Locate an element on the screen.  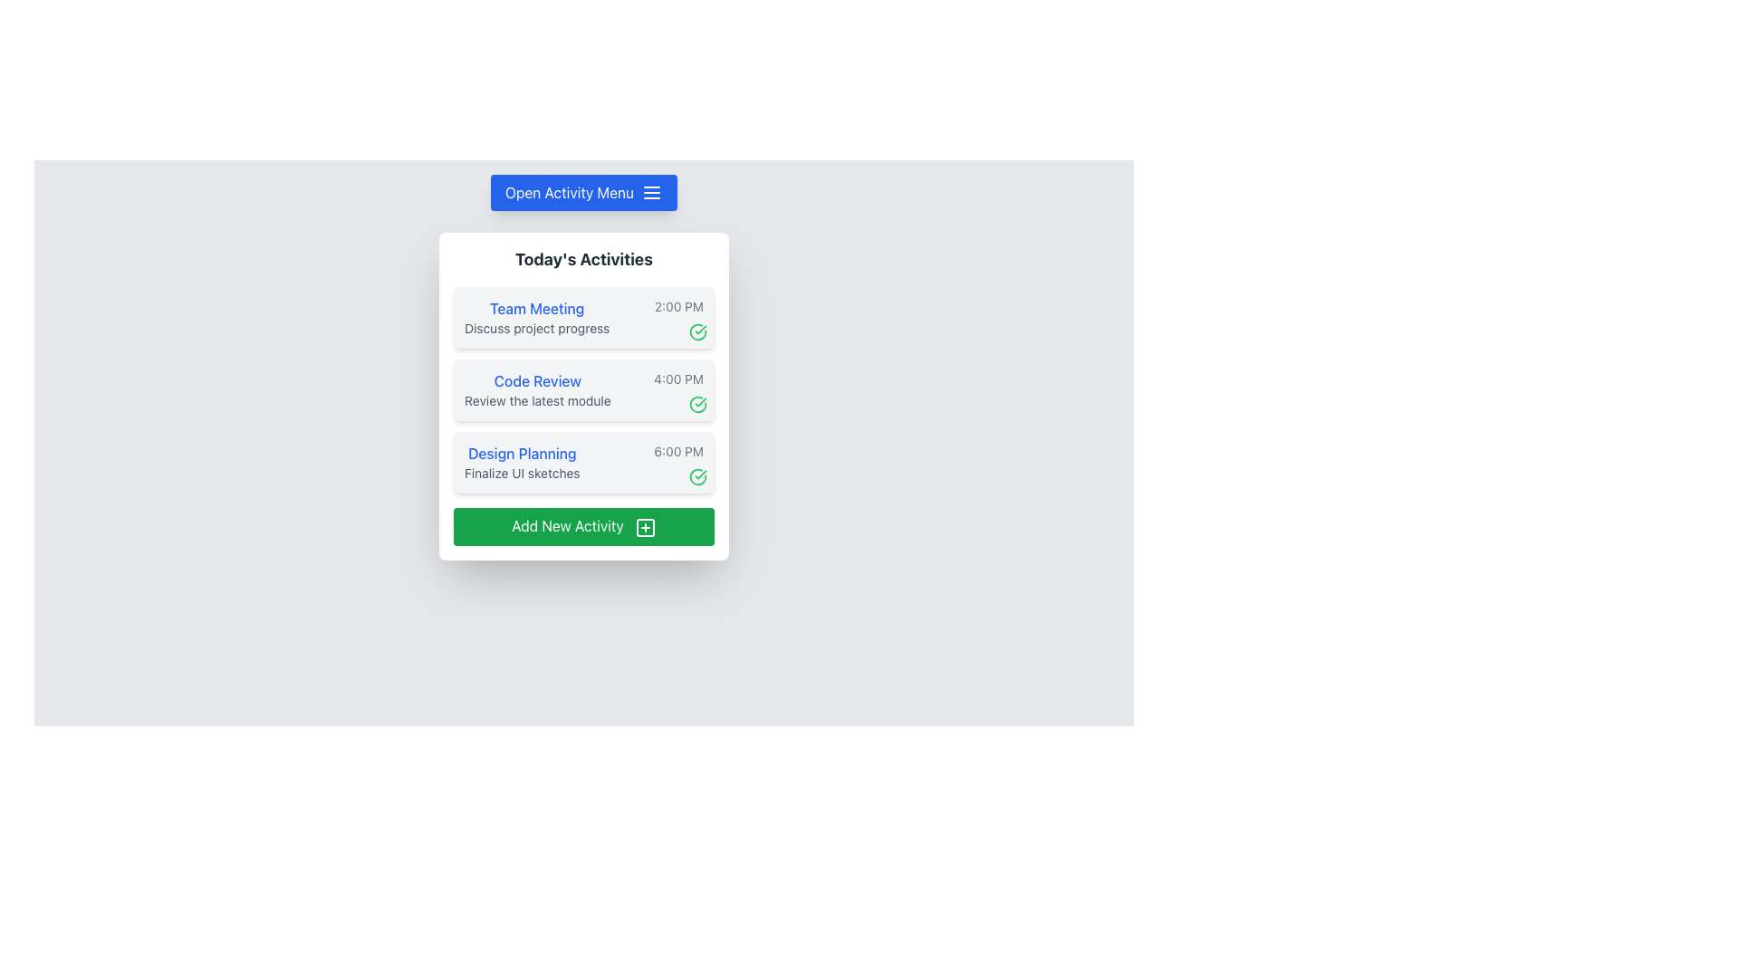
the text label displaying 'Finalize UI sketches' located in the third list entry of the 'Today's Activities' section, right-aligned beneath 'Design Planning' is located at coordinates (521, 473).